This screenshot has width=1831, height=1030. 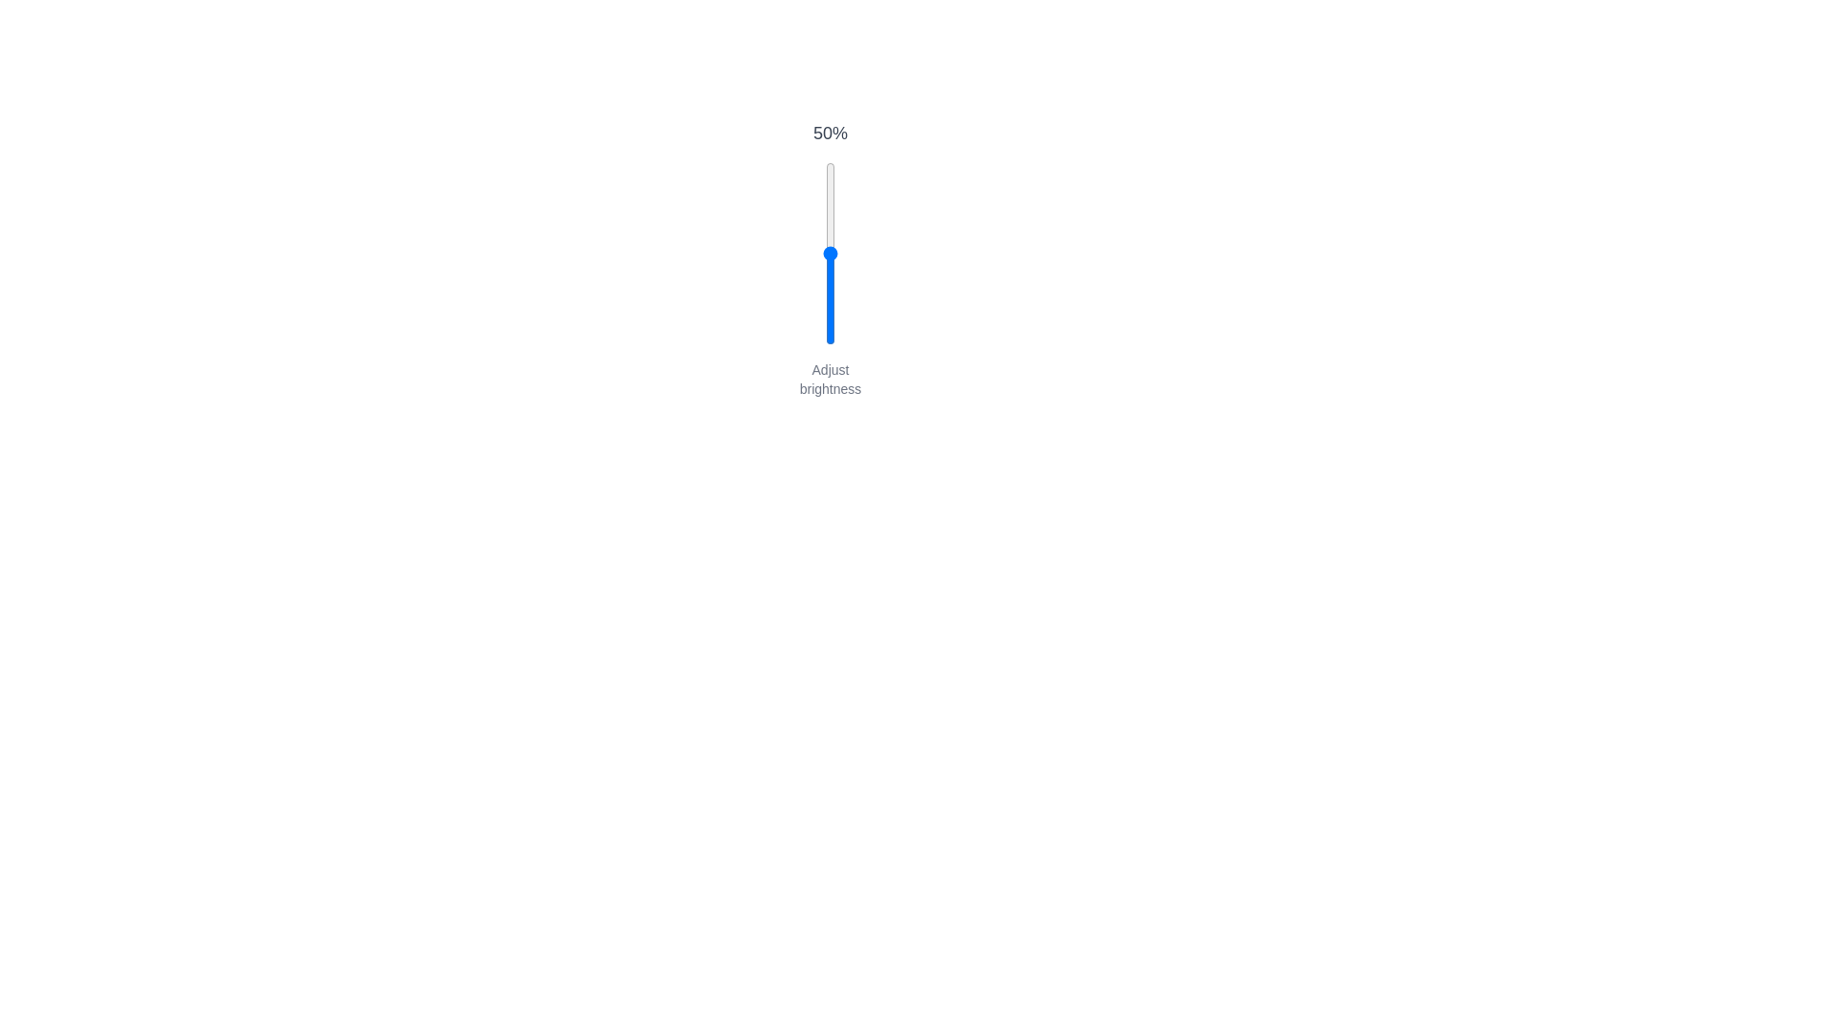 What do you see at coordinates (830, 309) in the screenshot?
I see `brightness` at bounding box center [830, 309].